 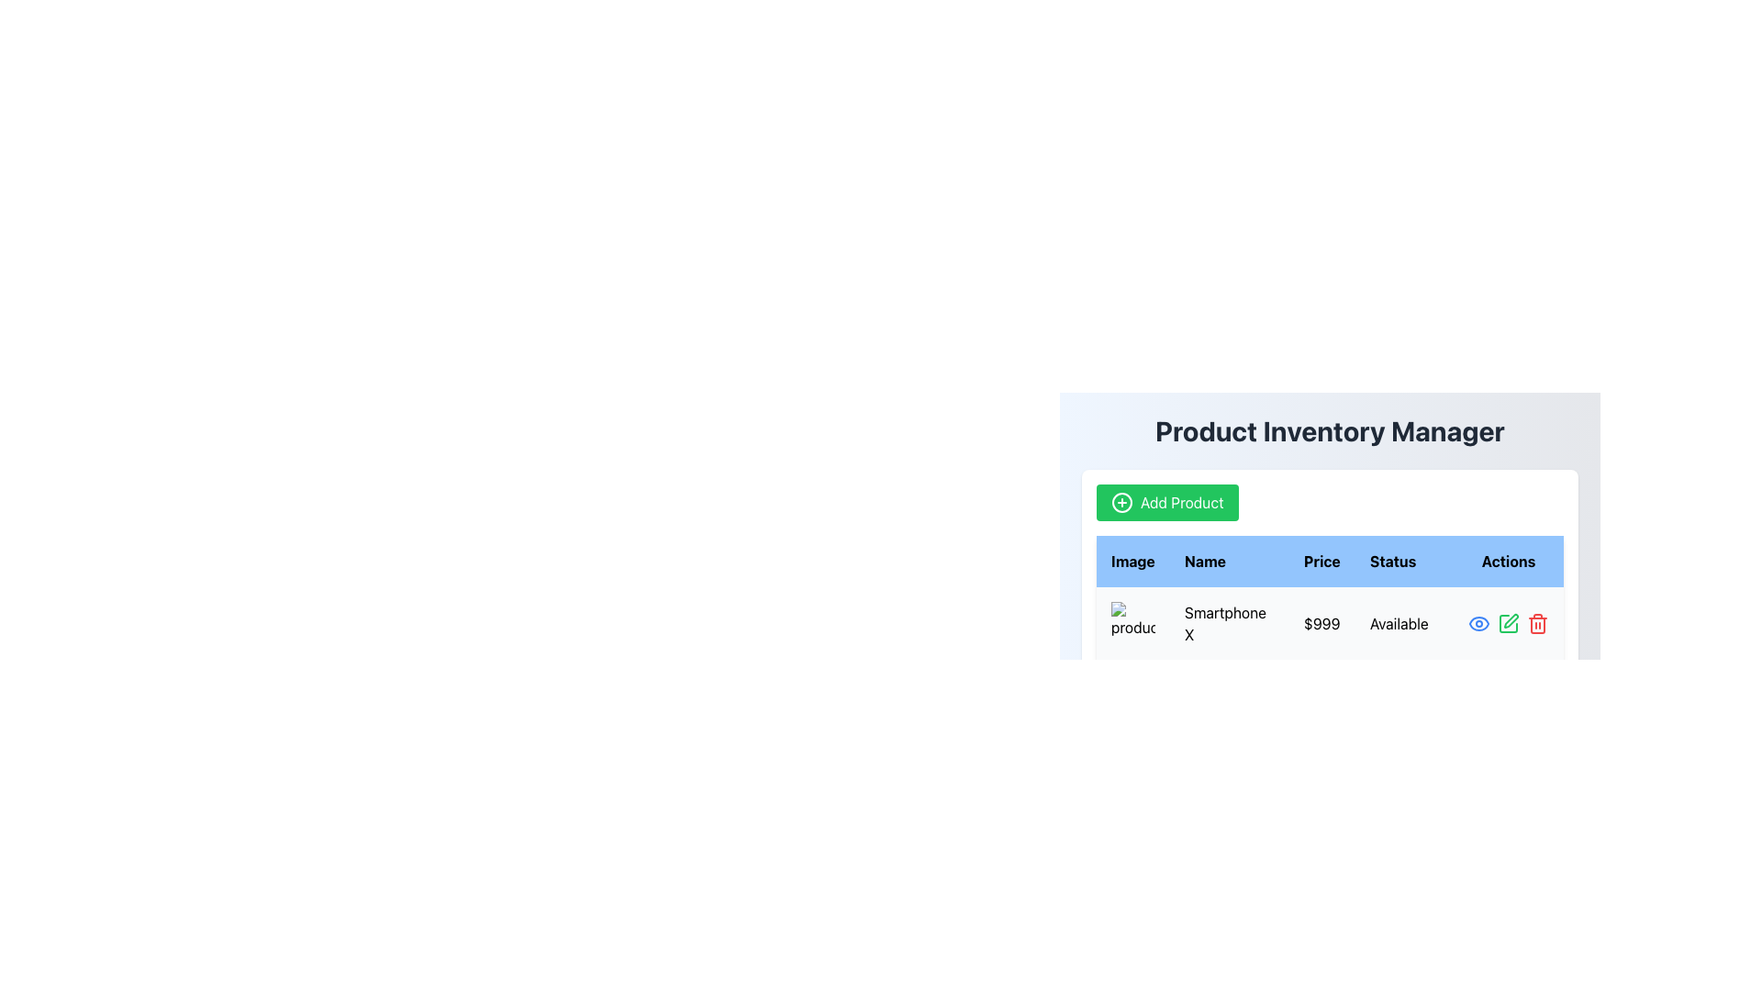 What do you see at coordinates (1132, 622) in the screenshot?
I see `the small image icon with placeholder text 'product'` at bounding box center [1132, 622].